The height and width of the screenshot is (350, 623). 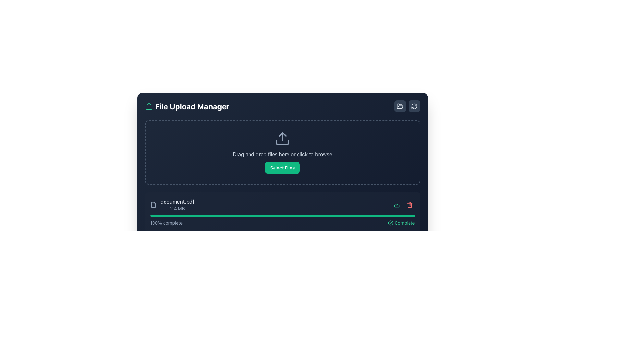 What do you see at coordinates (407, 106) in the screenshot?
I see `the folder button in the Horizontal Button Group located in the top-right corner of the interface, adjacent to the 'File Upload Manager' heading` at bounding box center [407, 106].